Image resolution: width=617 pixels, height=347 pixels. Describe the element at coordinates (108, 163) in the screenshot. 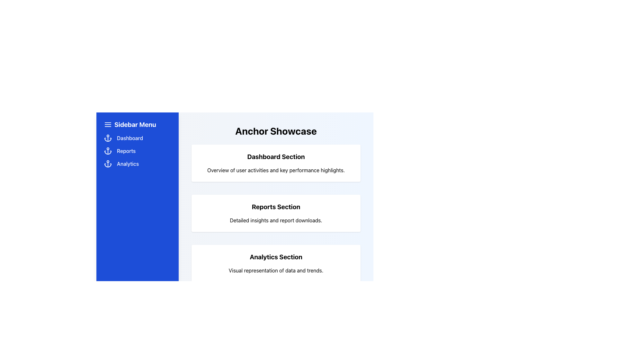

I see `the 'Analytics' icon in the sidebar menu to observe the color change` at that location.